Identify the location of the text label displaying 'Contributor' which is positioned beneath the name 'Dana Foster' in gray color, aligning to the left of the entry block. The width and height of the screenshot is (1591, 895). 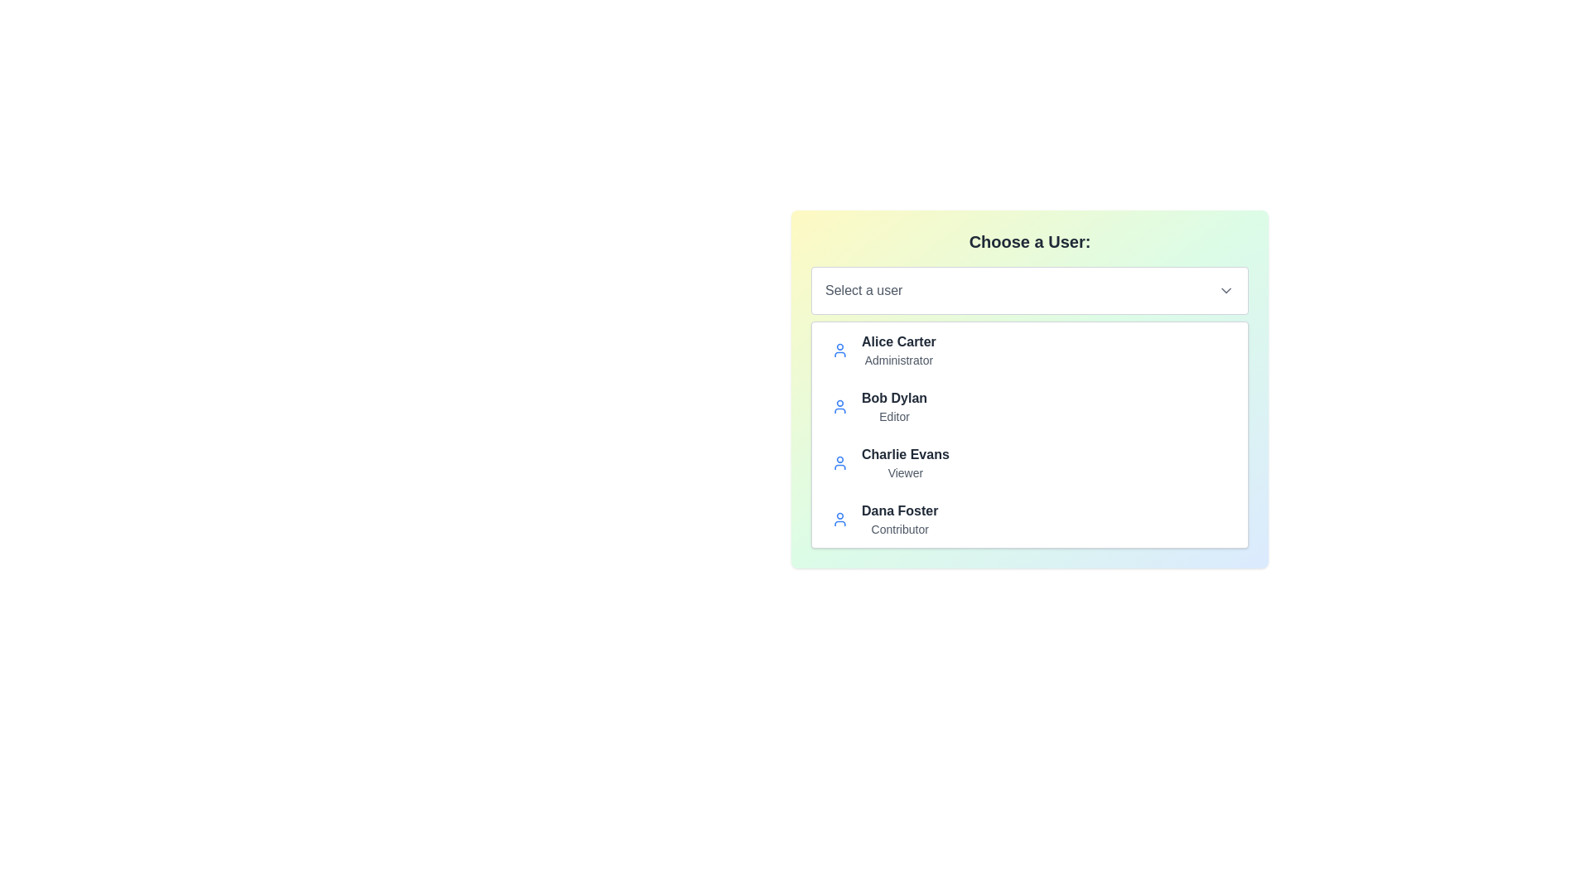
(899, 530).